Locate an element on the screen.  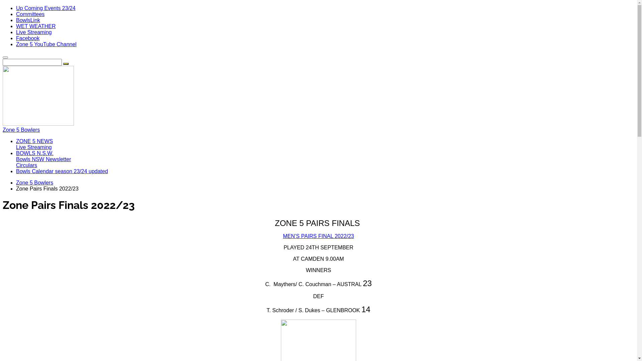
'Zone 5 YouTube Channel' is located at coordinates (46, 44).